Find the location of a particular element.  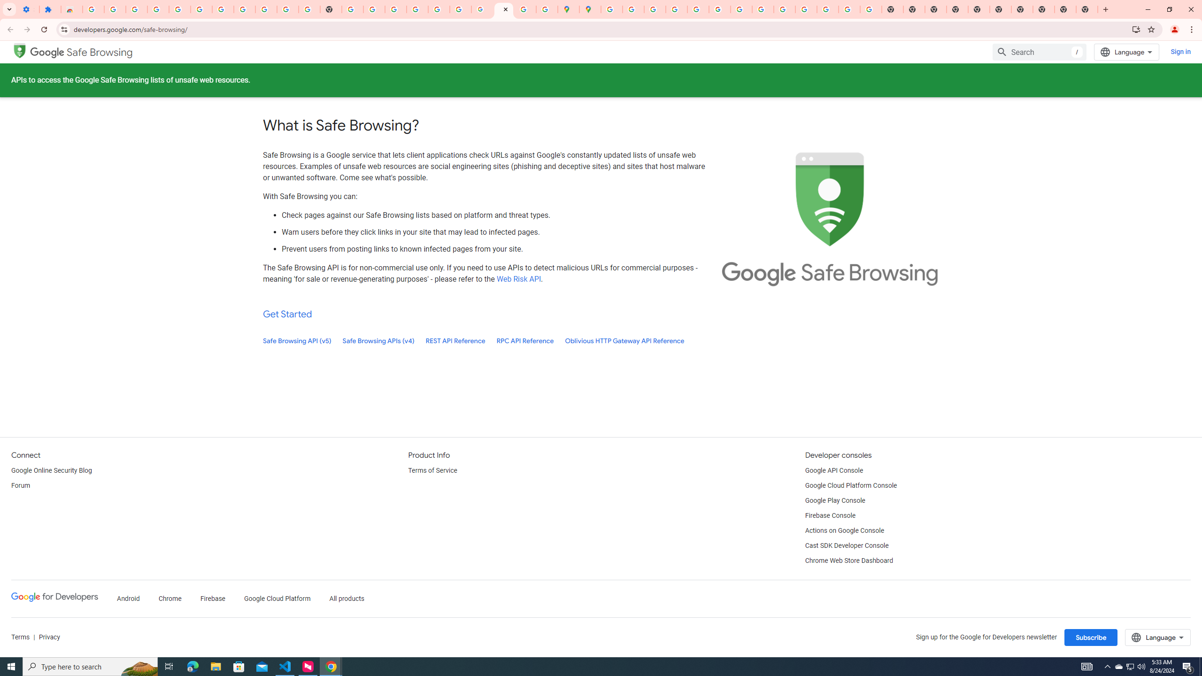

'Google API Console' is located at coordinates (834, 470).